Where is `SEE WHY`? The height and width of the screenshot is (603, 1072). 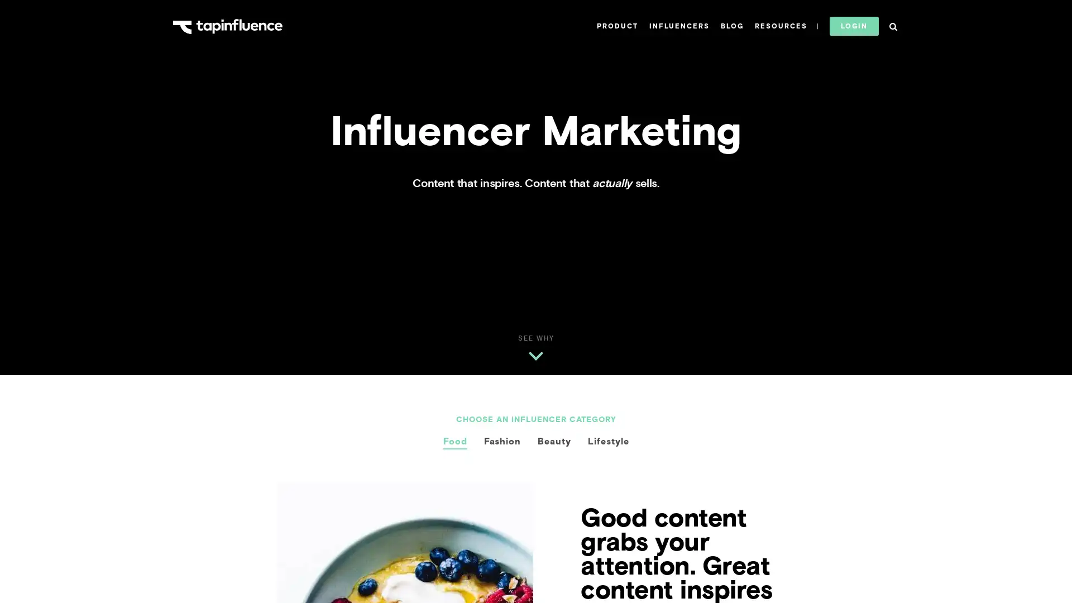
SEE WHY is located at coordinates (535, 338).